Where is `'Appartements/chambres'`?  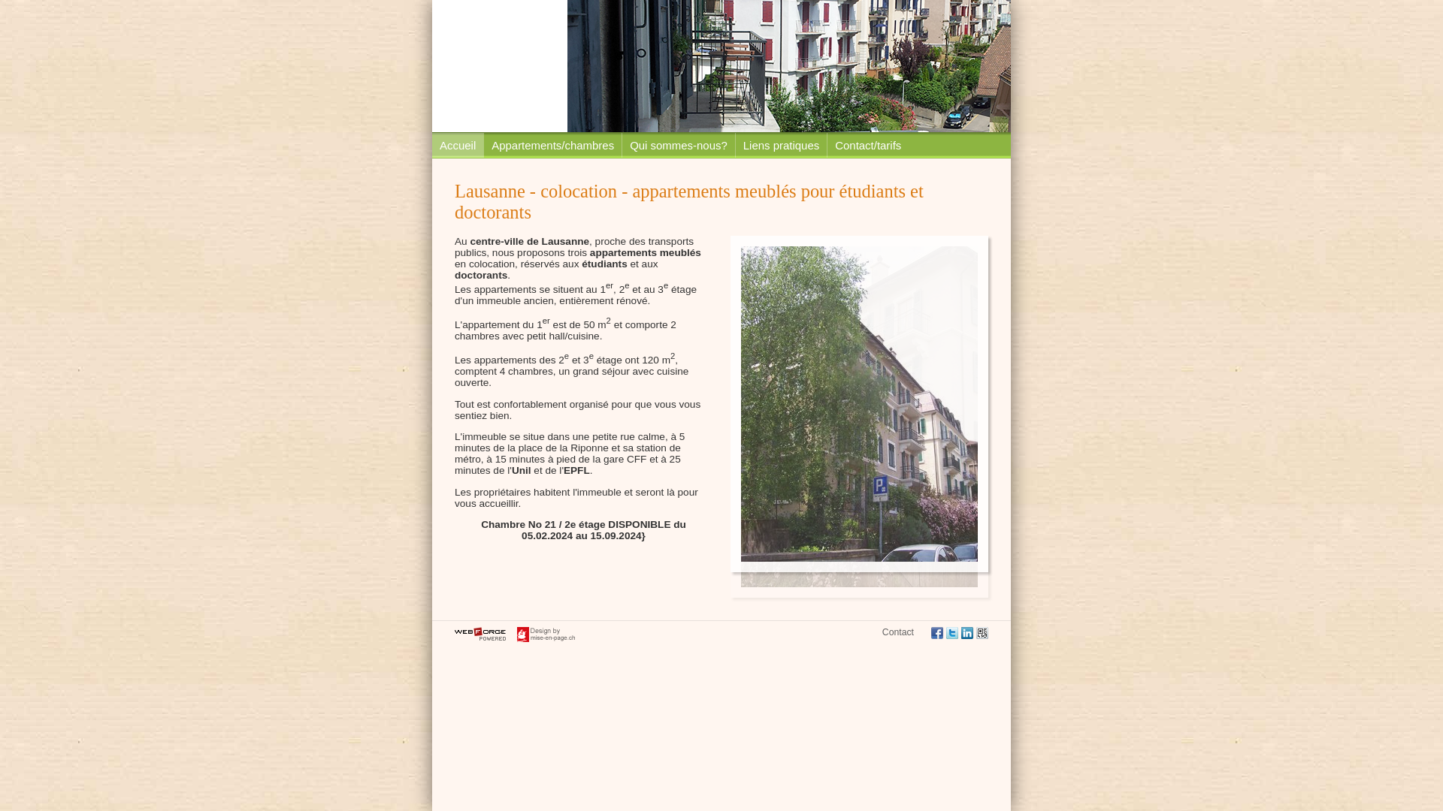 'Appartements/chambres' is located at coordinates (551, 145).